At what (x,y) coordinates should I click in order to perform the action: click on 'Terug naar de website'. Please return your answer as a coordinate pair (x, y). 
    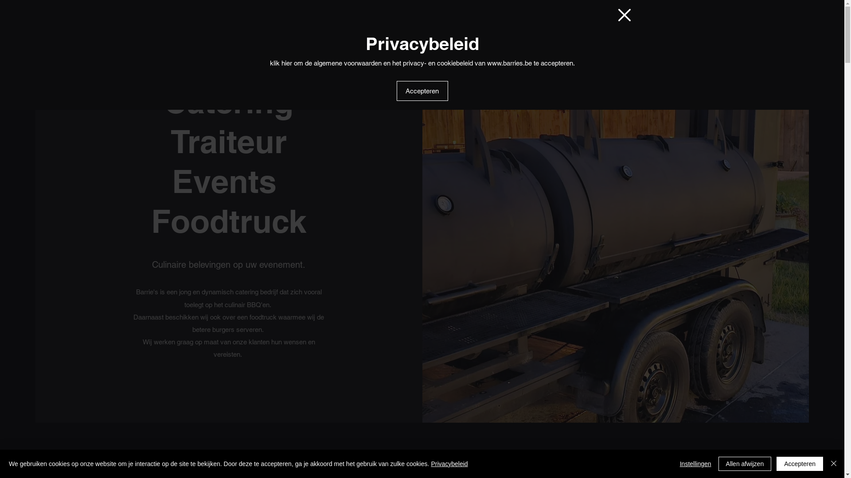
    Looking at the image, I should click on (623, 15).